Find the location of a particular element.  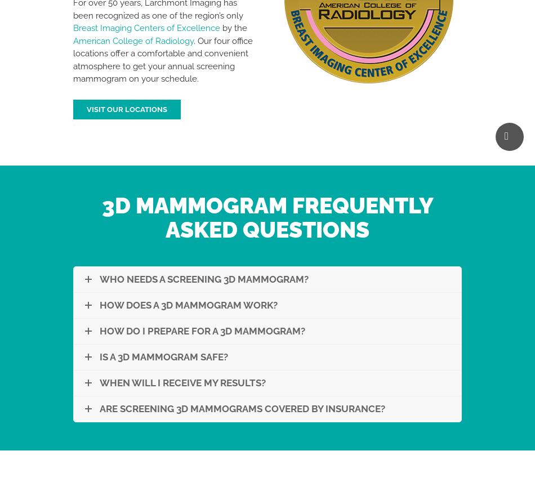

'How Do I Prepare for A 3D Mammogram?' is located at coordinates (202, 330).